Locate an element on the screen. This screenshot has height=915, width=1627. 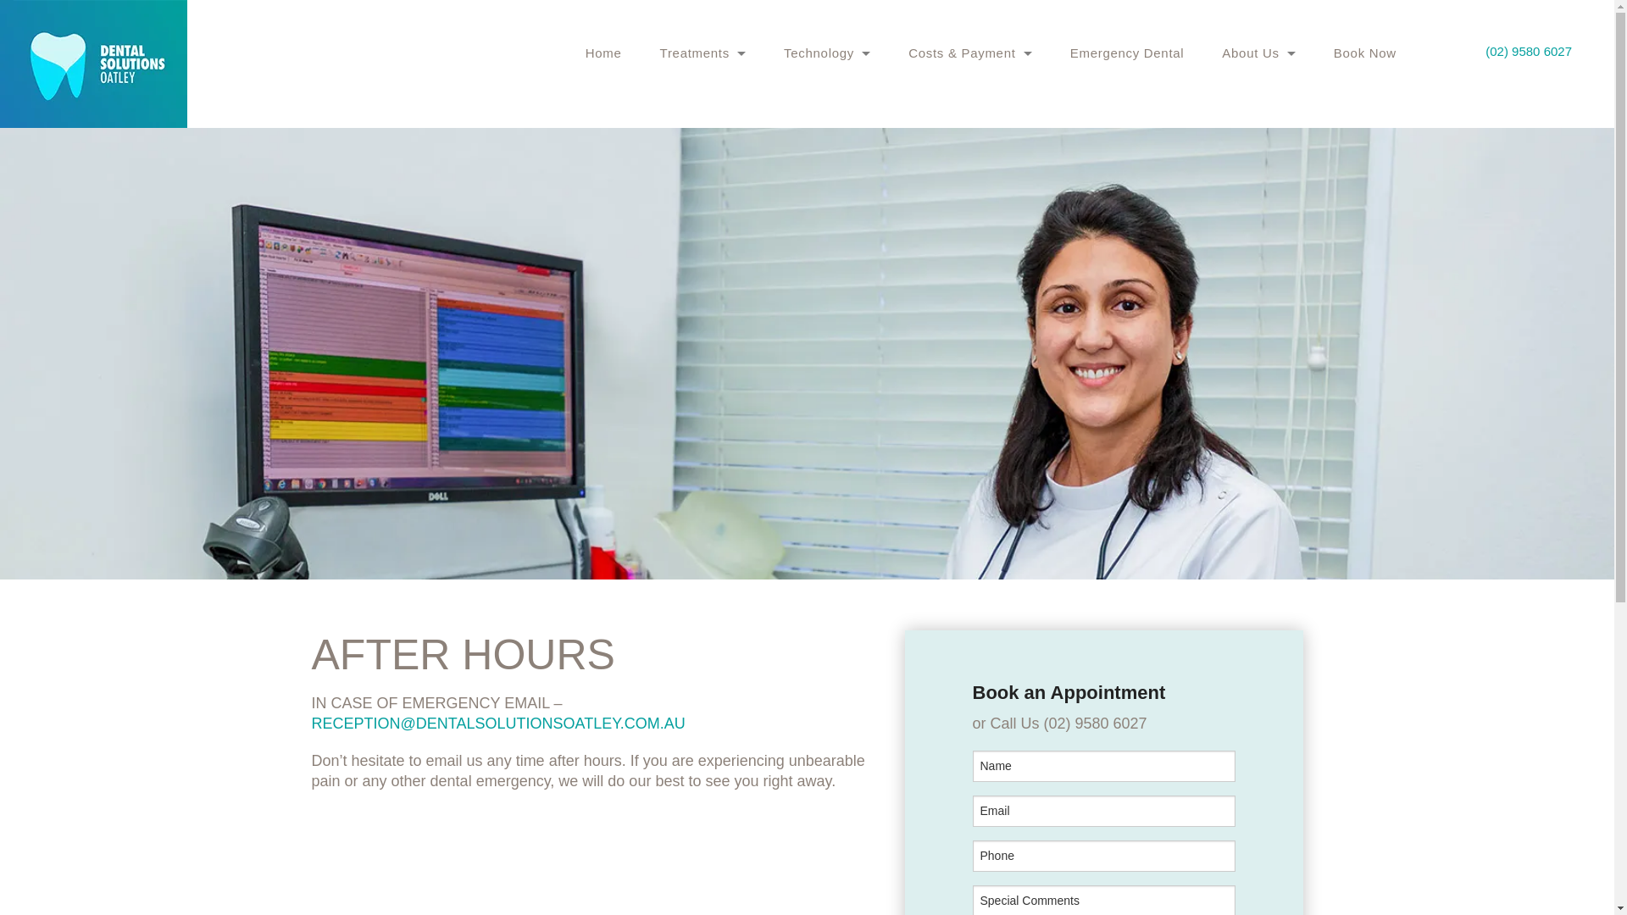
'Emergency Dental' is located at coordinates (1127, 52).